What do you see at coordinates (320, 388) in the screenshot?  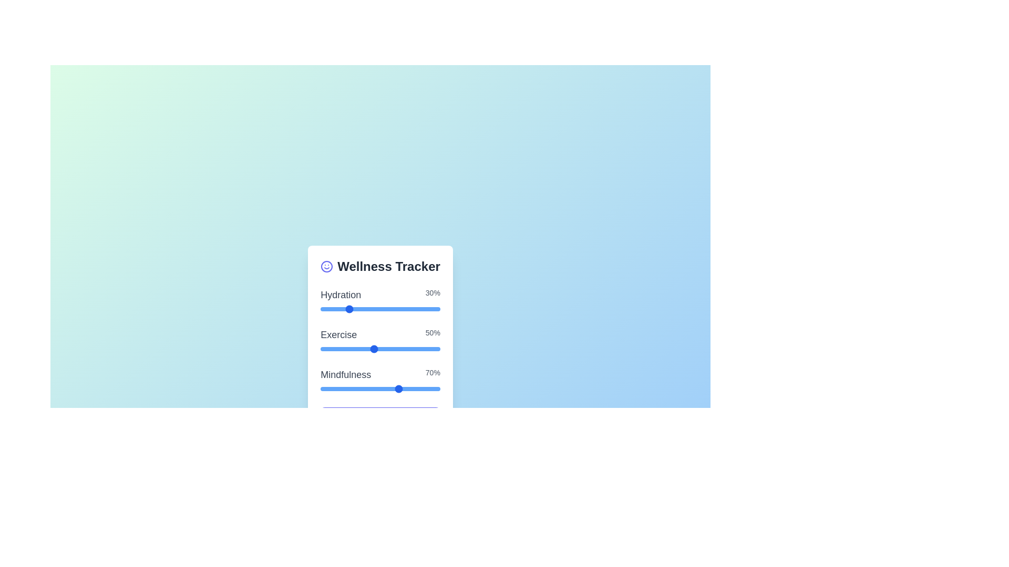 I see `the 'Mindfulness' slider to set its value to 1` at bounding box center [320, 388].